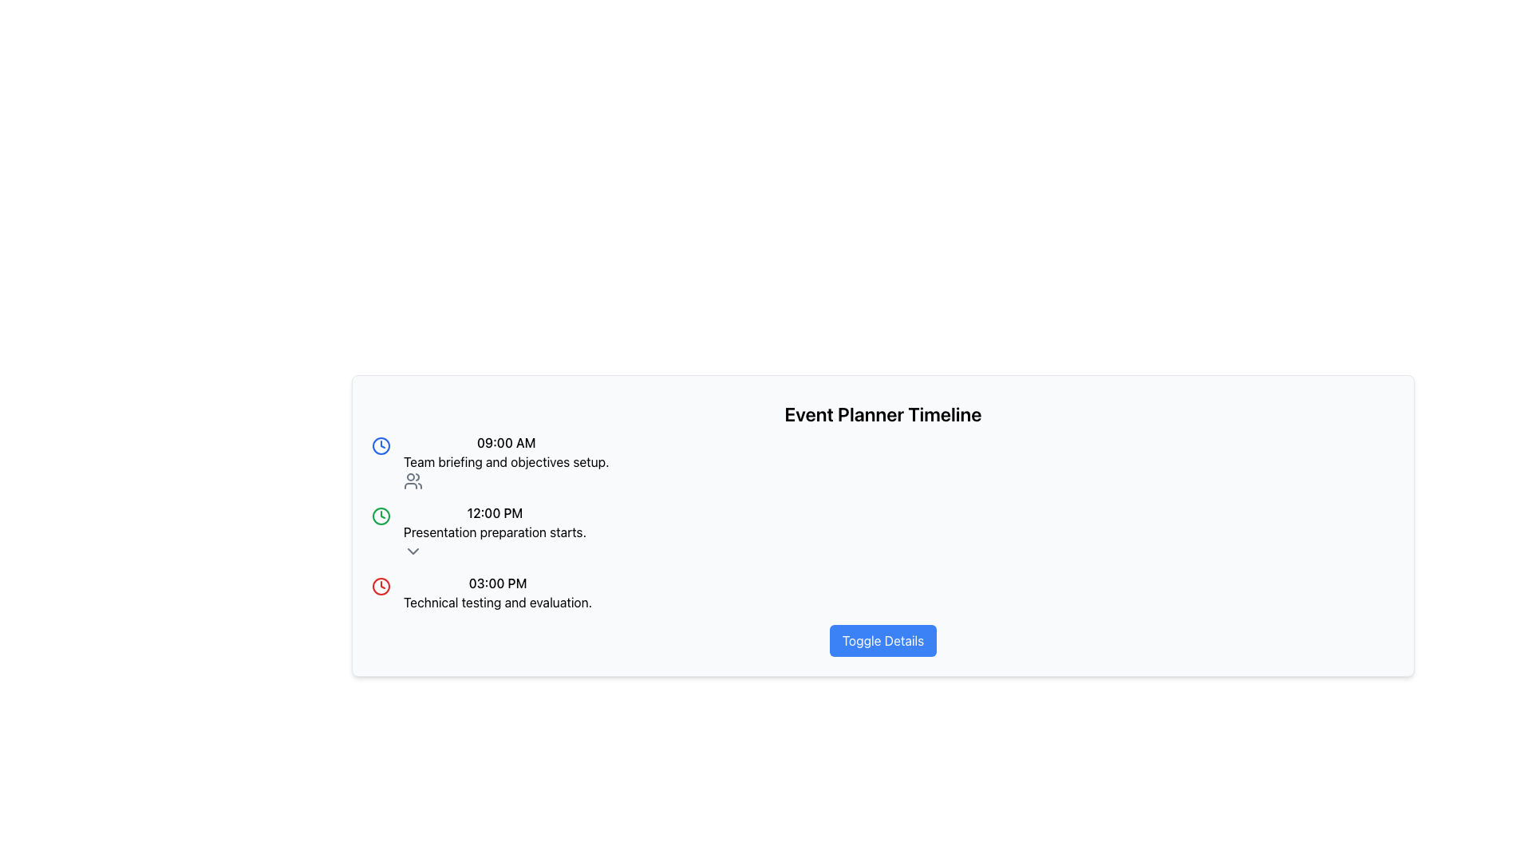 The height and width of the screenshot is (862, 1532). What do you see at coordinates (494, 513) in the screenshot?
I see `the text label displaying '12:00 PM', which is bold and distinct, located between other timeline events` at bounding box center [494, 513].